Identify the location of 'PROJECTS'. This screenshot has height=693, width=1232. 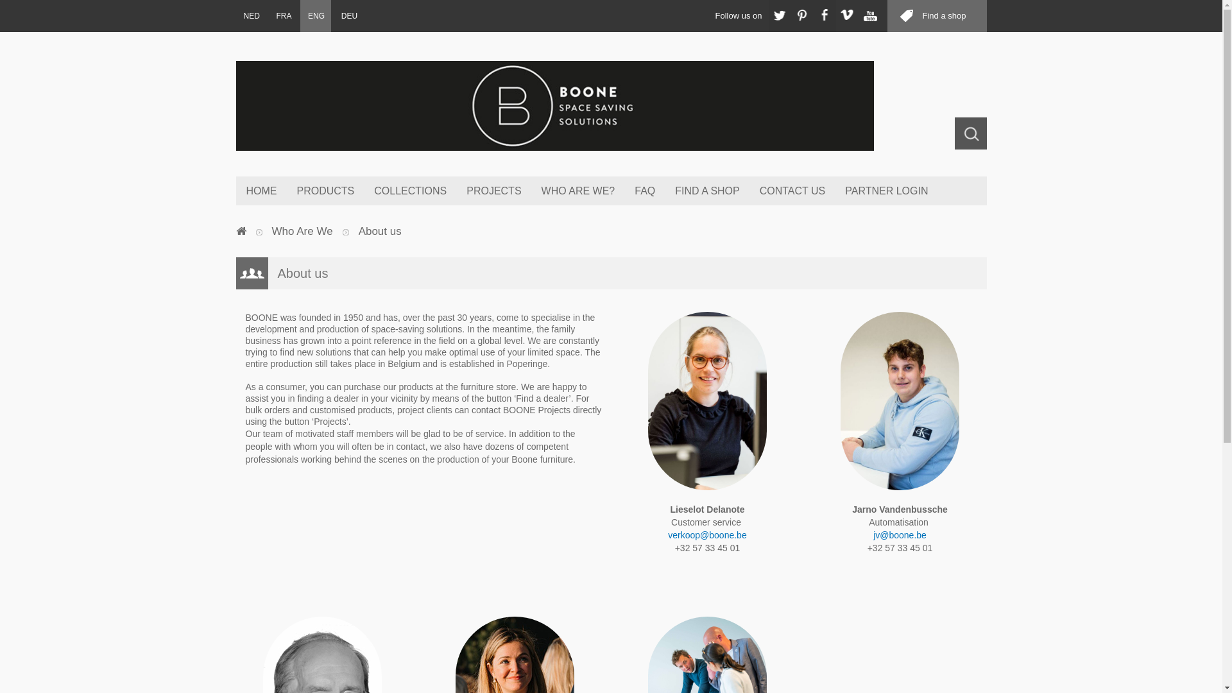
(492, 191).